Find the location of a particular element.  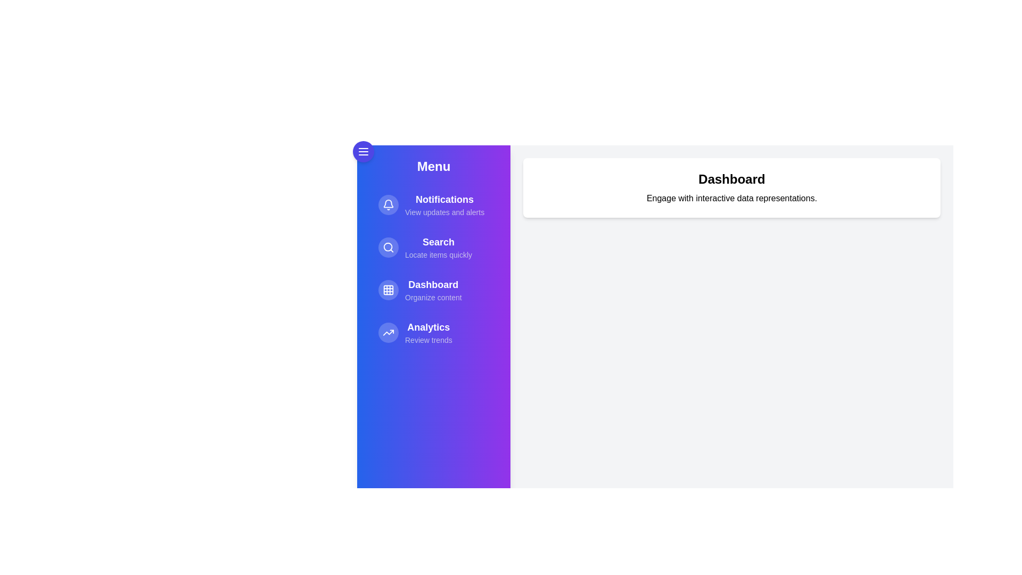

the menu item Search to reveal its hover effect is located at coordinates (434, 248).